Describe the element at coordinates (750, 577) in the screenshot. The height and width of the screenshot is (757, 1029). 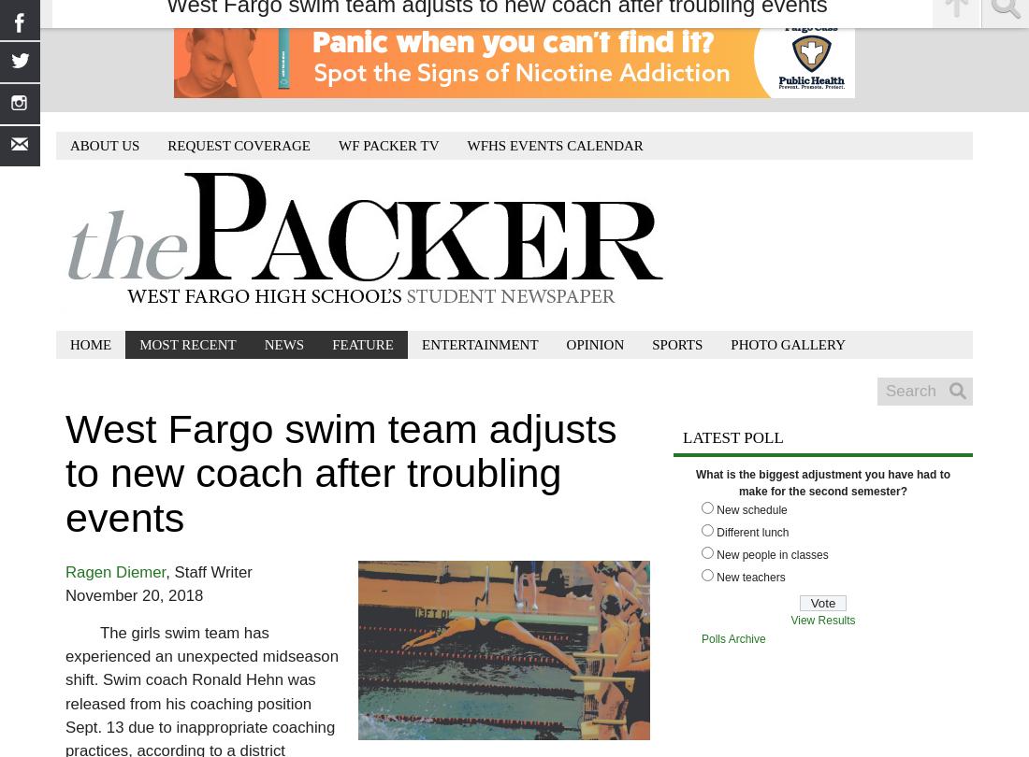
I see `'New teachers'` at that location.